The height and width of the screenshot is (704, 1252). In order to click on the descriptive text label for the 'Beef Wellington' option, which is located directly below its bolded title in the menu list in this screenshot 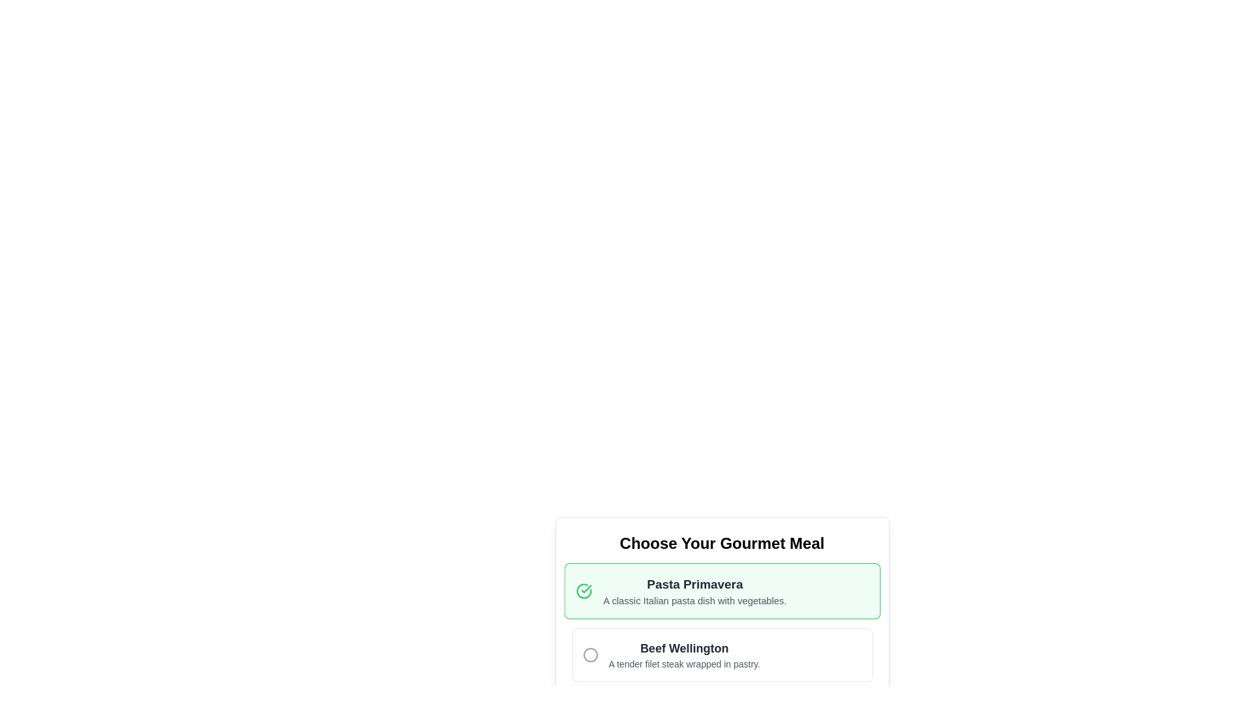, I will do `click(683, 664)`.